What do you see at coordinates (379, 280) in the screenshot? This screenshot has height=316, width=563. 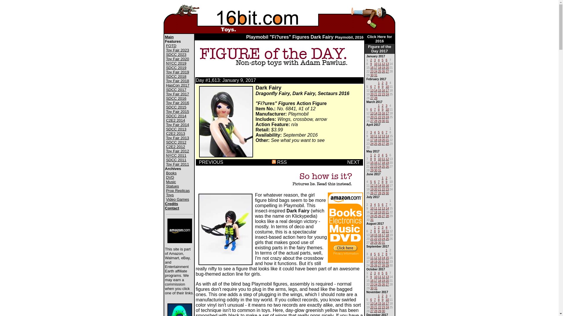 I see `'18'` at bounding box center [379, 280].